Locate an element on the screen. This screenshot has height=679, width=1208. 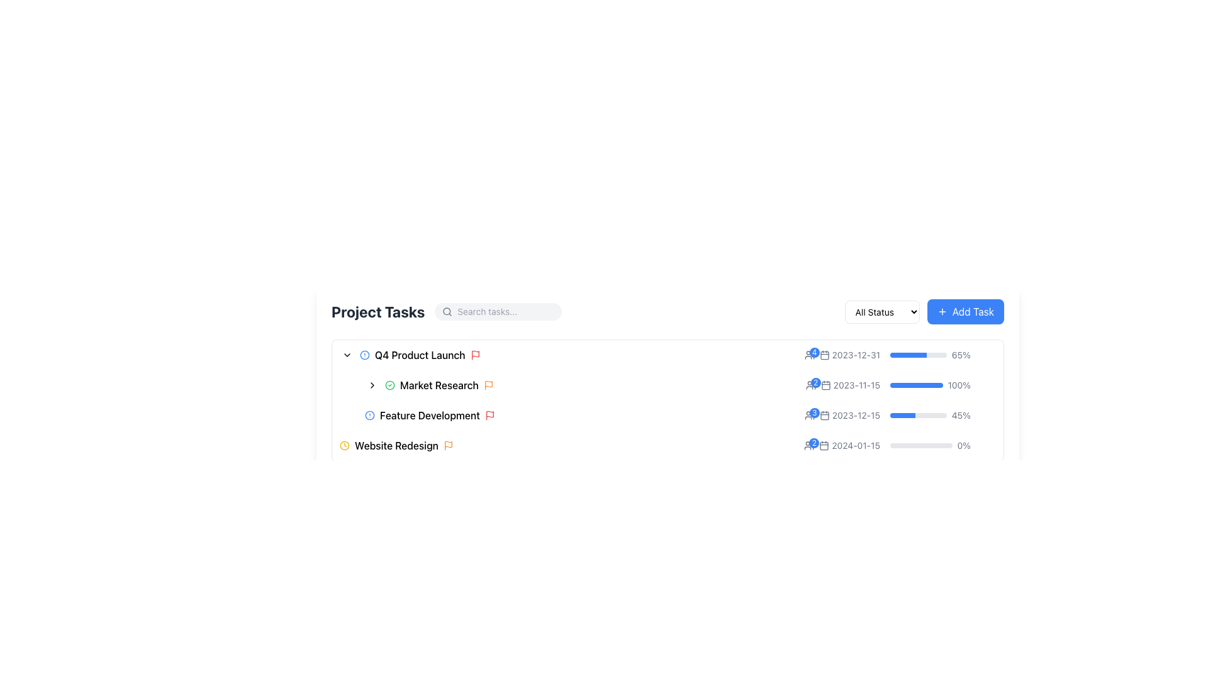
the progress bar representing the task under the 'Website Redesign' section, which is currently at 0% completion is located at coordinates (921, 445).